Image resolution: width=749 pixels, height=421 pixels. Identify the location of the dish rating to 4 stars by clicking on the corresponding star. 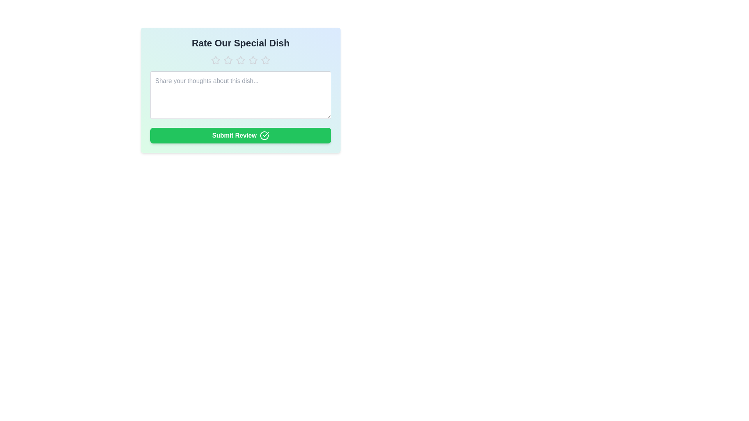
(253, 60).